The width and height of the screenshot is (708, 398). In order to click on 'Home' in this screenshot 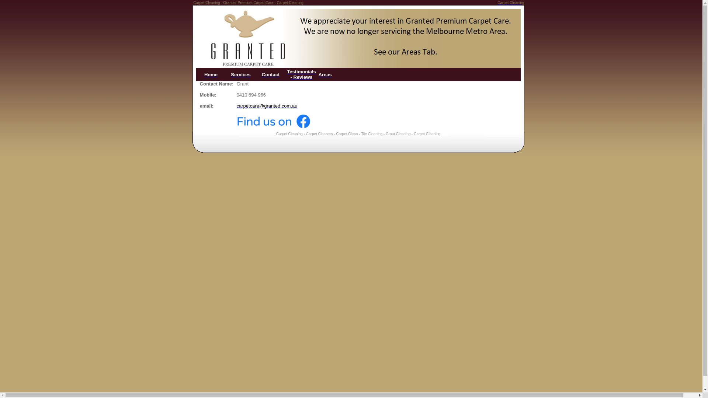, I will do `click(210, 74)`.